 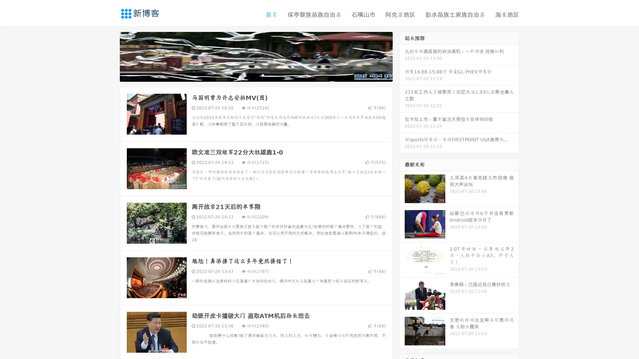 I want to click on Previous slide, so click(x=110, y=56).